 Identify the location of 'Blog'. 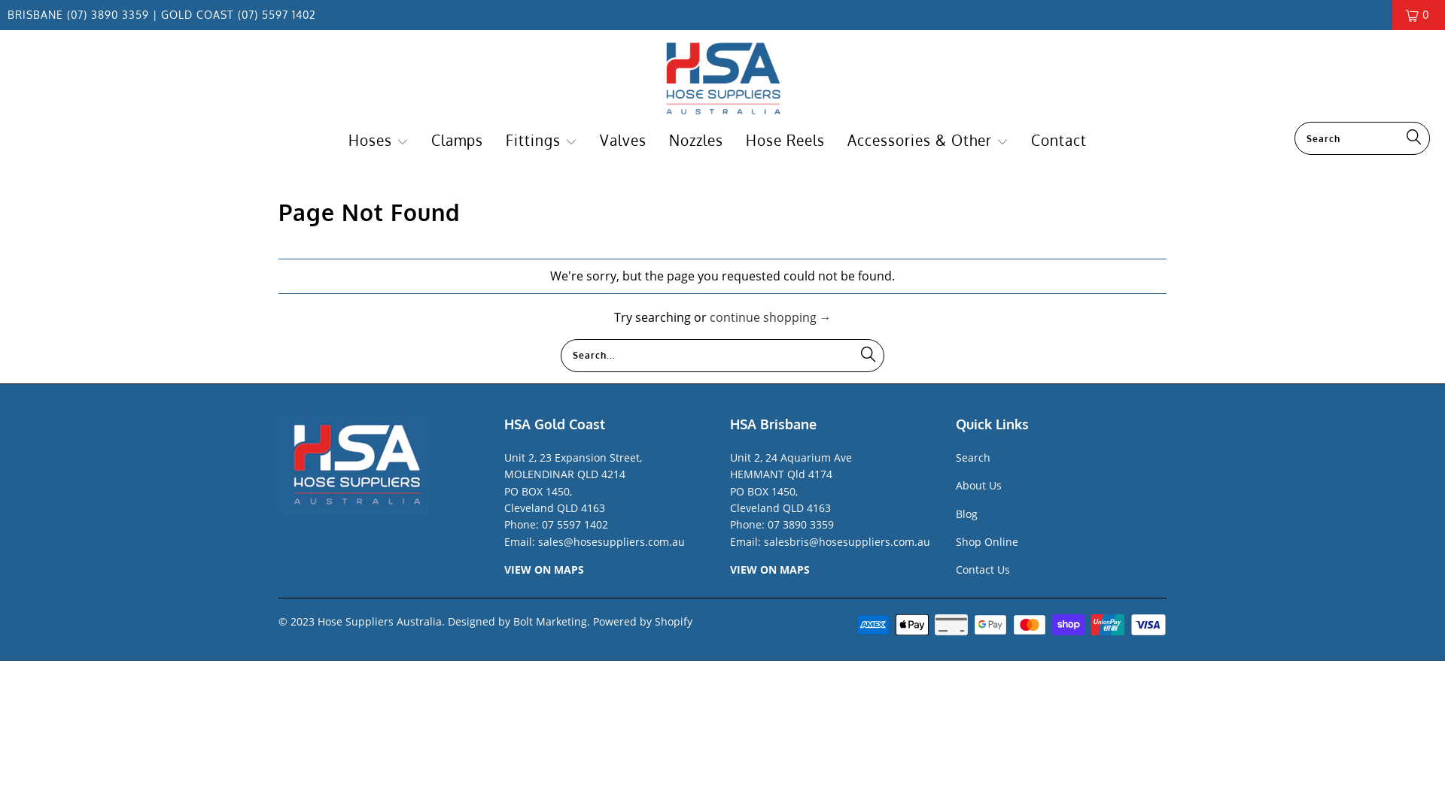
(966, 513).